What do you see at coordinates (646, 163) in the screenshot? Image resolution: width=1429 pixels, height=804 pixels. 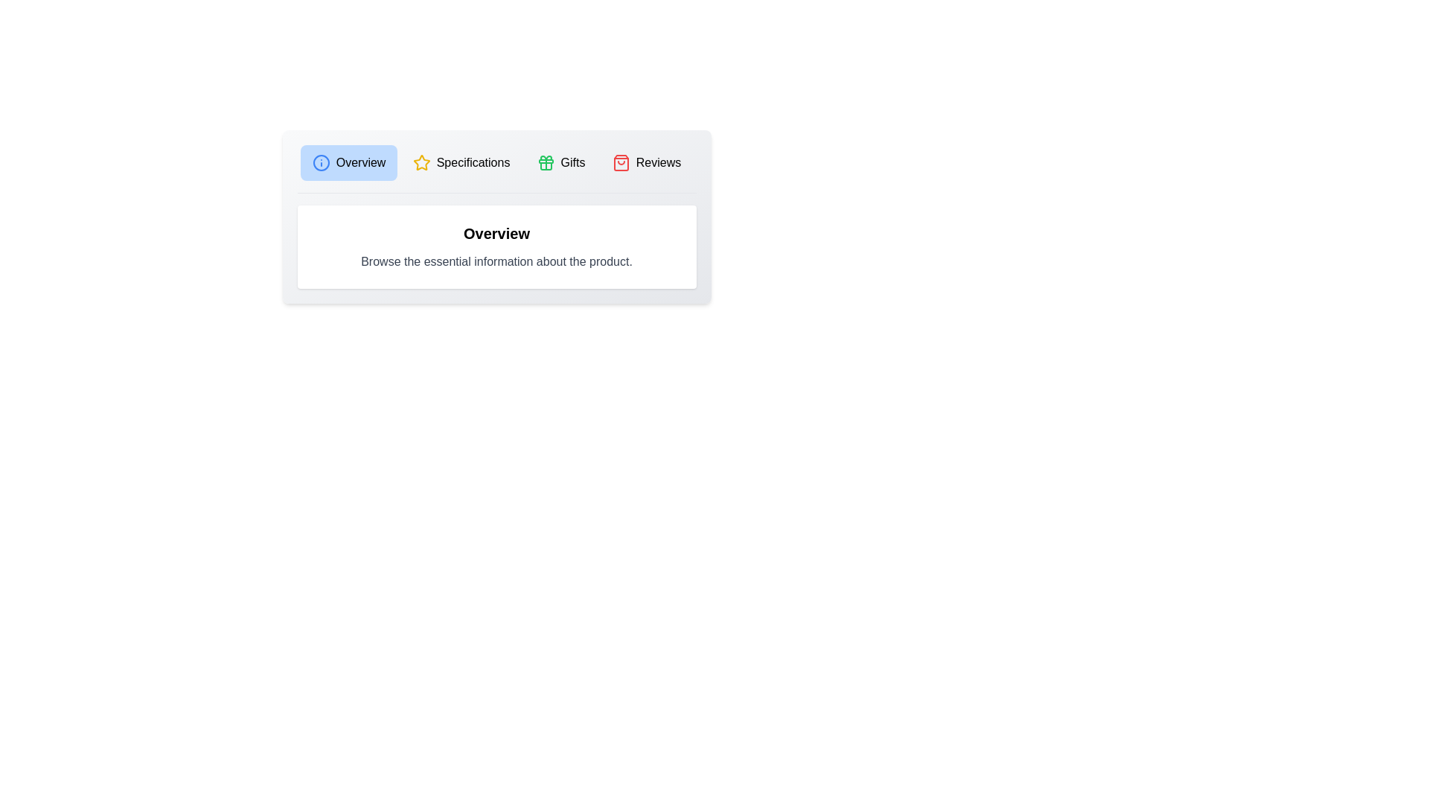 I see `the Reviews tab to display its content` at bounding box center [646, 163].